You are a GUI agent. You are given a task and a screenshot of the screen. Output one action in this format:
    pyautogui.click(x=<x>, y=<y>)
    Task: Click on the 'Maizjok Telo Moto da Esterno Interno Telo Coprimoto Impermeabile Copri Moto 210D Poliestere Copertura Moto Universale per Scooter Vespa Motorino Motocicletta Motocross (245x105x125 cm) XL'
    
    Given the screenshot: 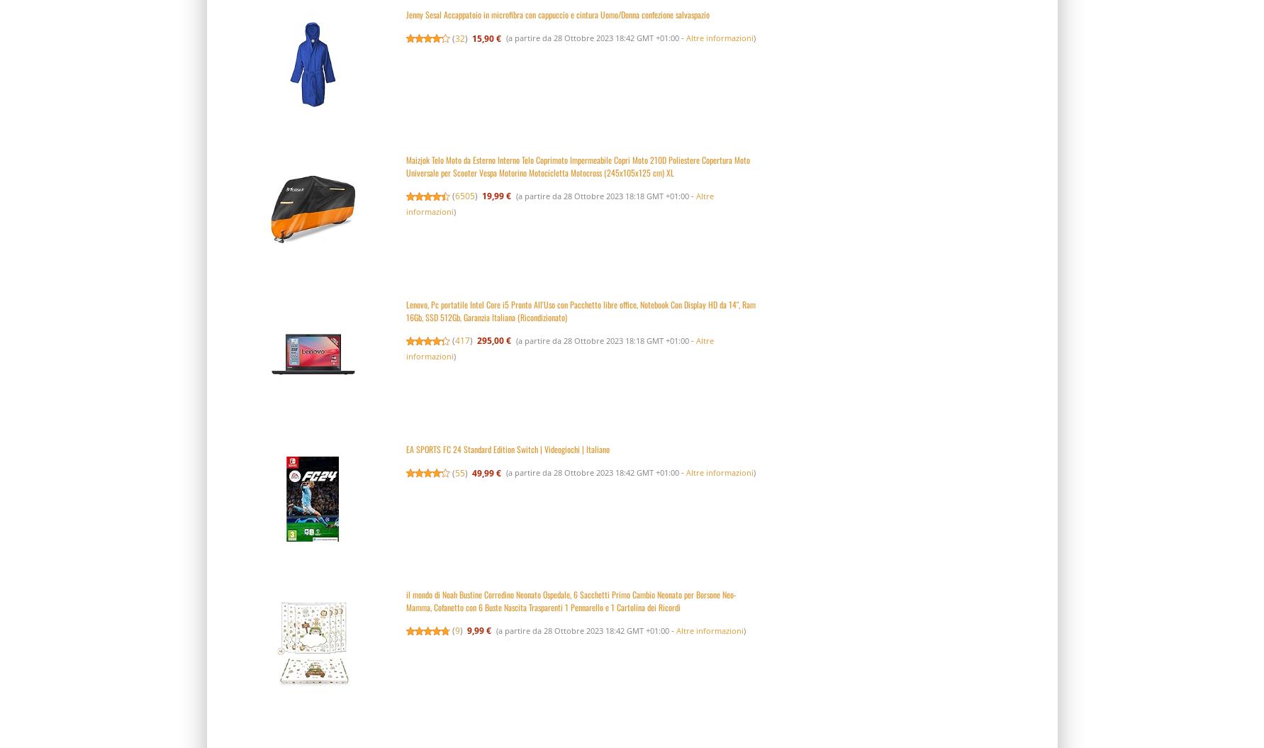 What is the action you would take?
    pyautogui.click(x=578, y=164)
    